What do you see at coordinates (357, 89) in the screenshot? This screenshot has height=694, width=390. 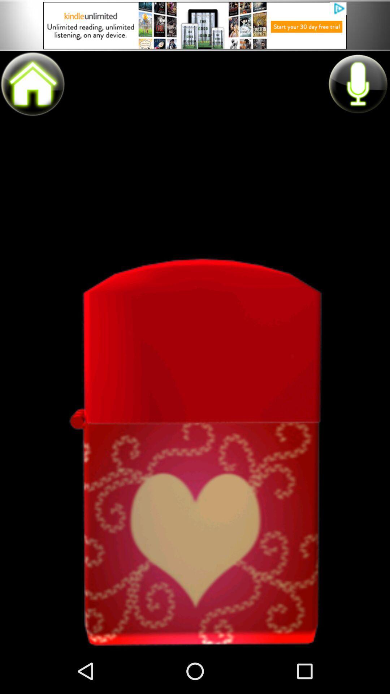 I see `the microphone icon` at bounding box center [357, 89].